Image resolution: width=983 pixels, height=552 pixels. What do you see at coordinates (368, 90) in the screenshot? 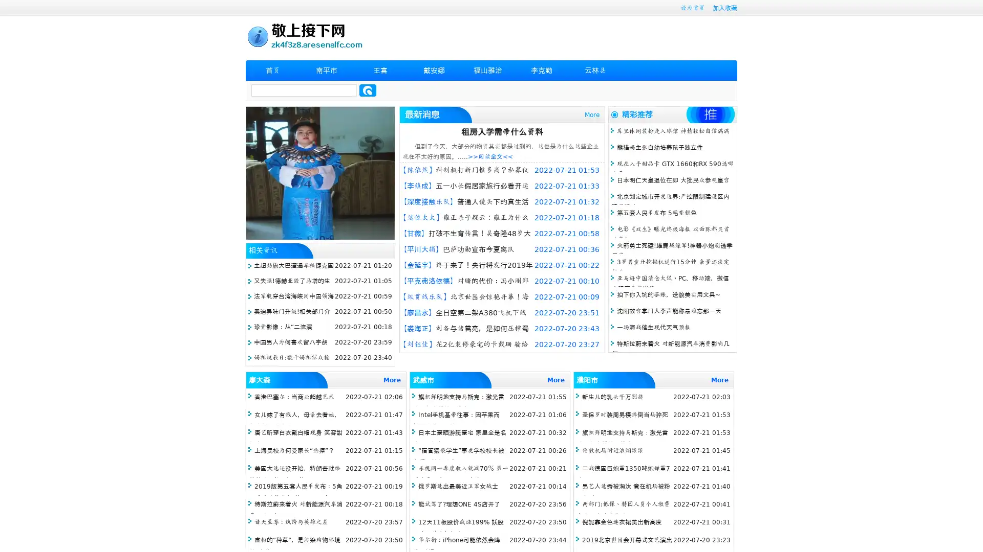
I see `Search` at bounding box center [368, 90].